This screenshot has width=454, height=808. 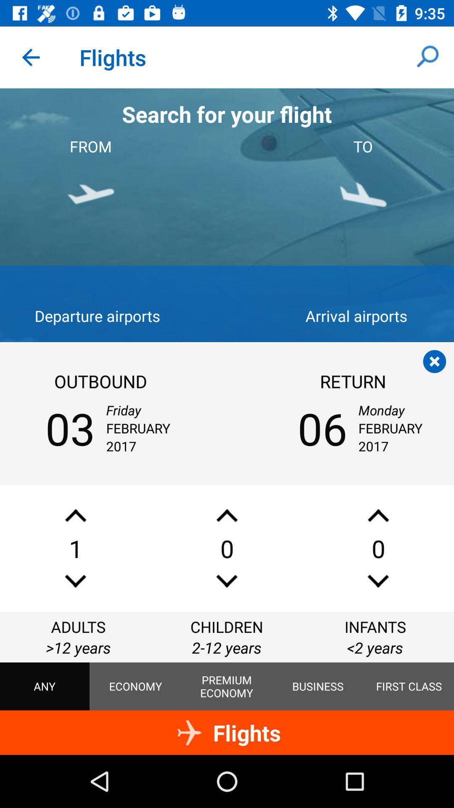 I want to click on the font icon, so click(x=76, y=515).